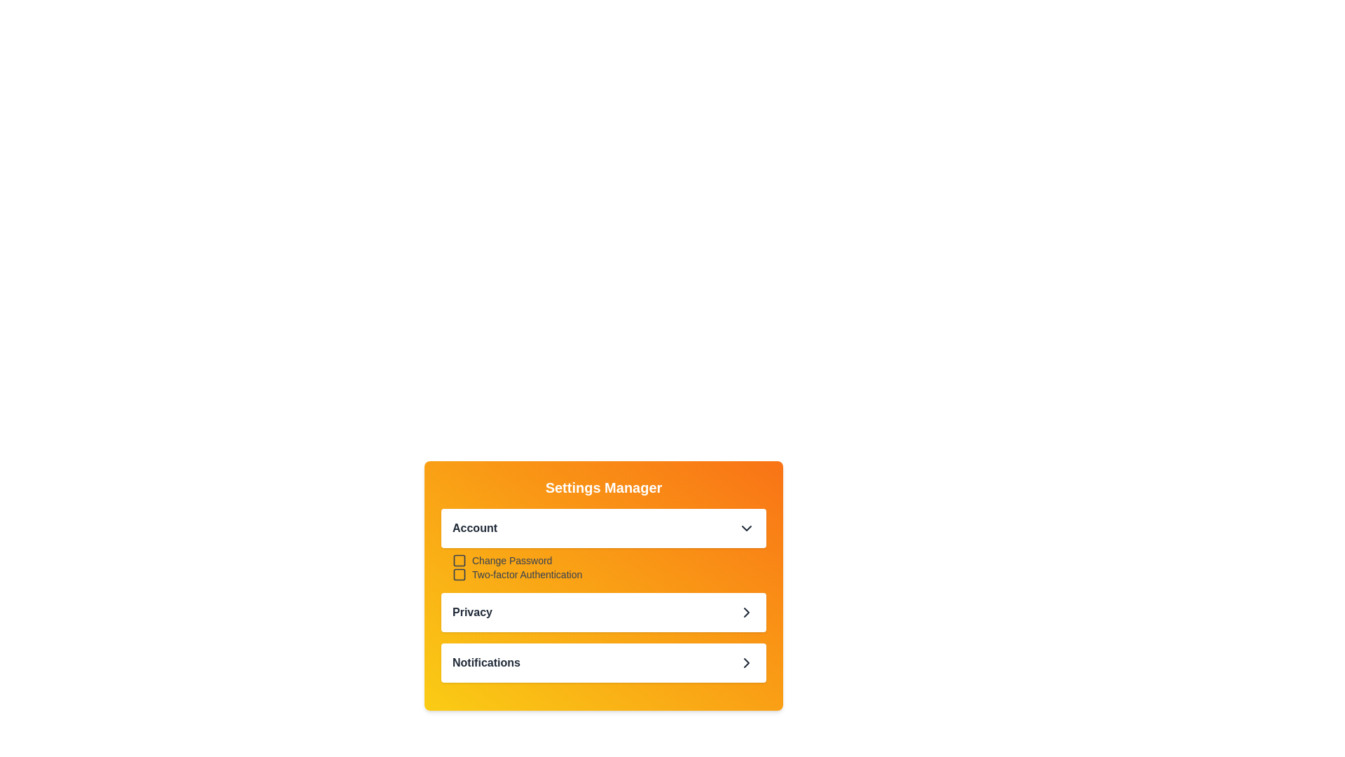  I want to click on the checkbox located in the settings panel under the 'Account' section, next to the 'Two-factor Authentication' label, to check or uncheck it, so click(460, 575).